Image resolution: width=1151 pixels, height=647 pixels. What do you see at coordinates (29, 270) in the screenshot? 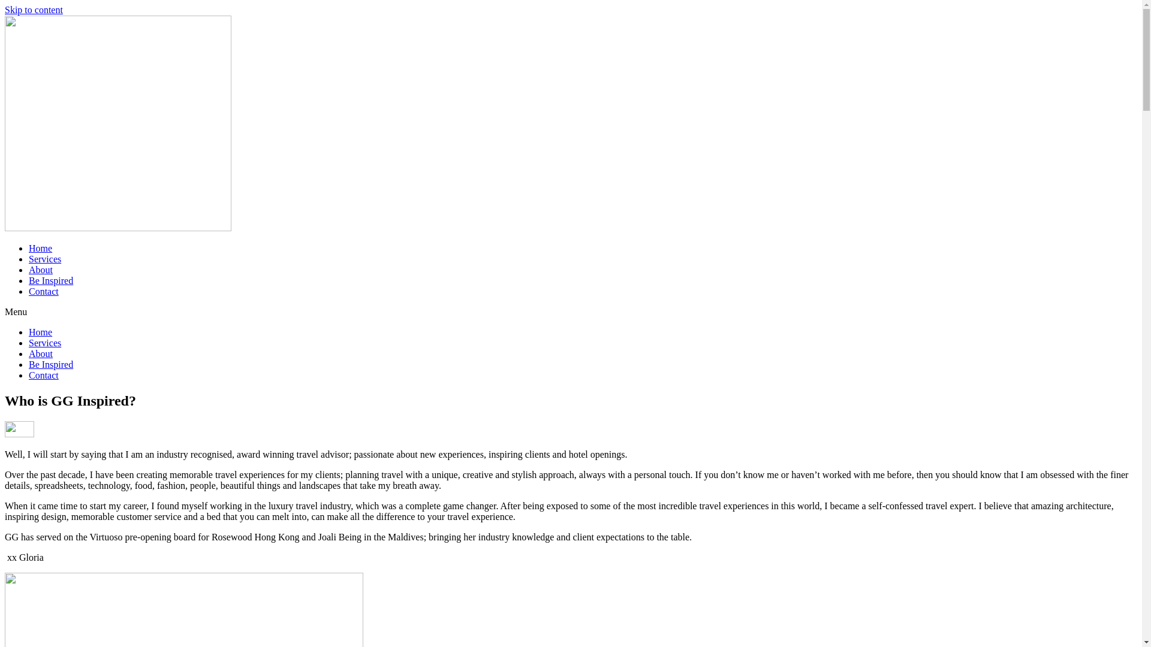
I see `'About'` at bounding box center [29, 270].